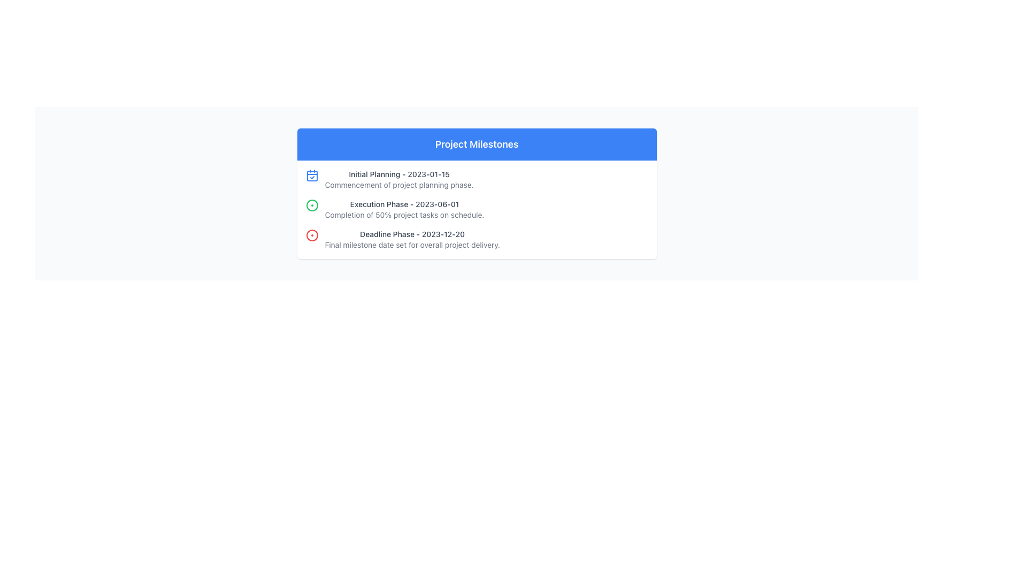  Describe the element at coordinates (404, 215) in the screenshot. I see `the descriptive annotation text label located under the header 'Execution Phase - 2023-06-01' within the 'Project Milestones' card` at that location.